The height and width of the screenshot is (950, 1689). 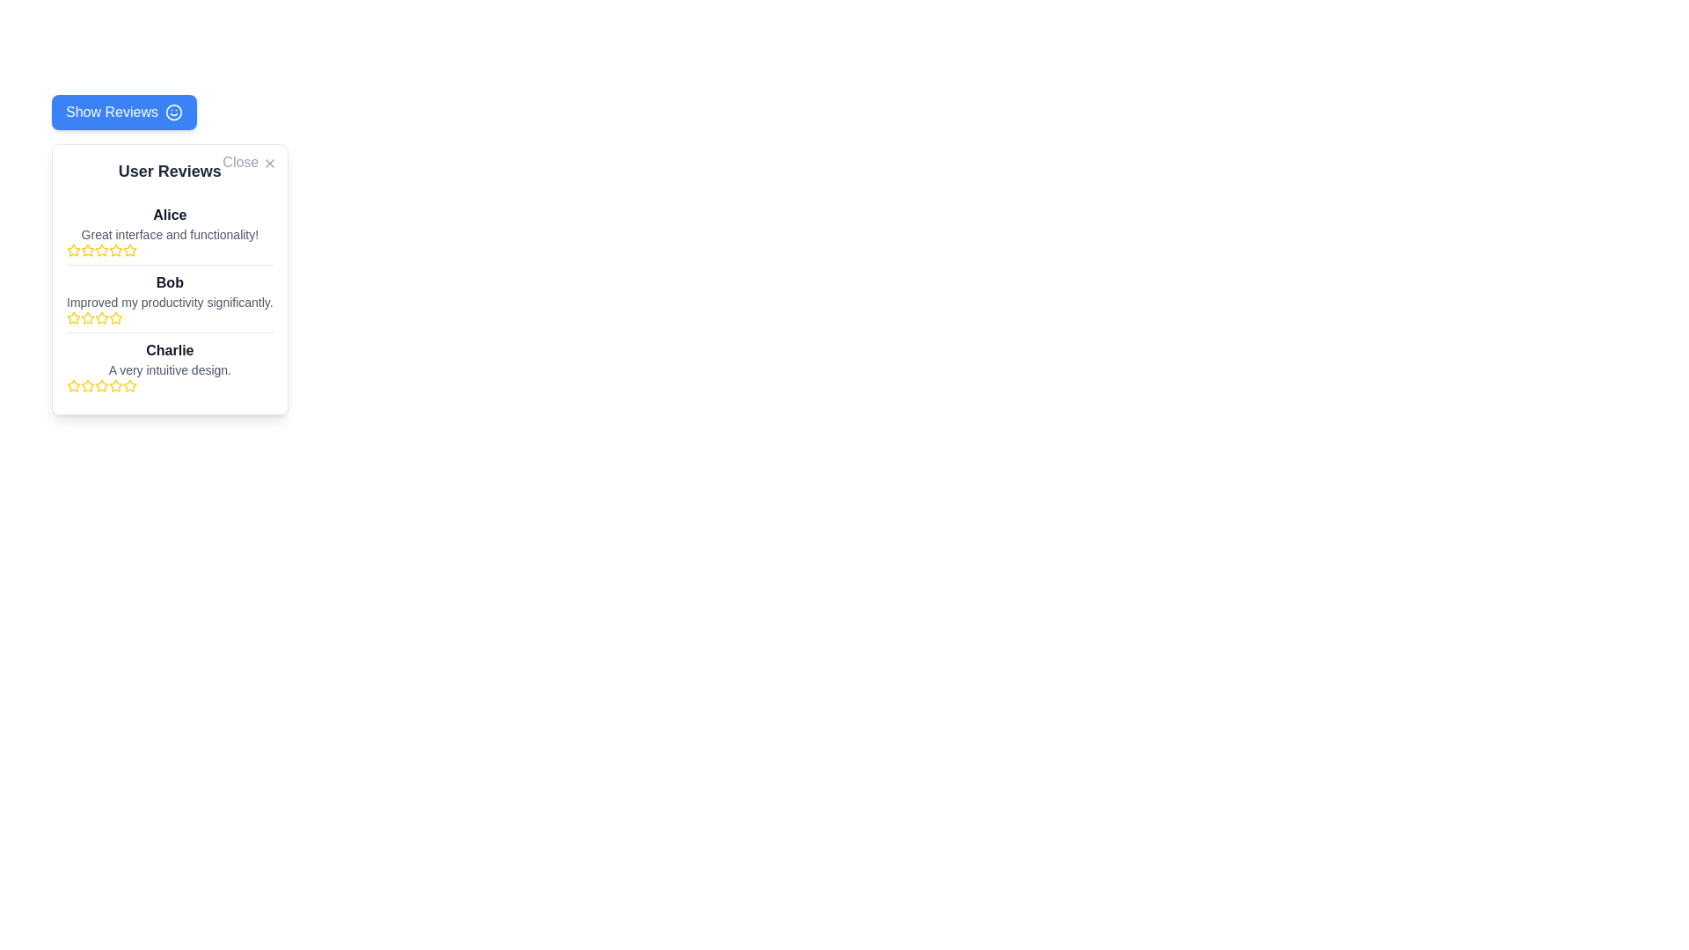 I want to click on the fourth star icon in the rating row under Alice's review, so click(x=100, y=251).